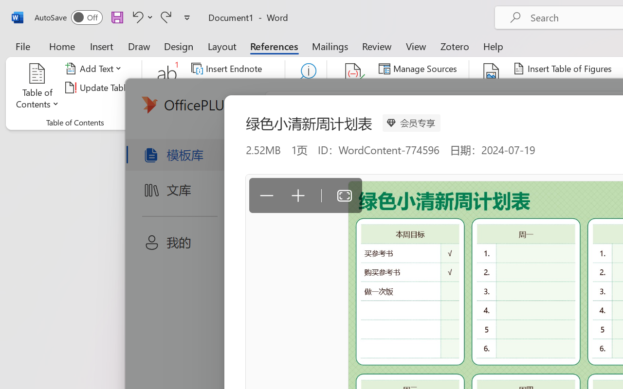 The height and width of the screenshot is (389, 623). I want to click on 'Undo Apply Quick Style Set', so click(136, 17).